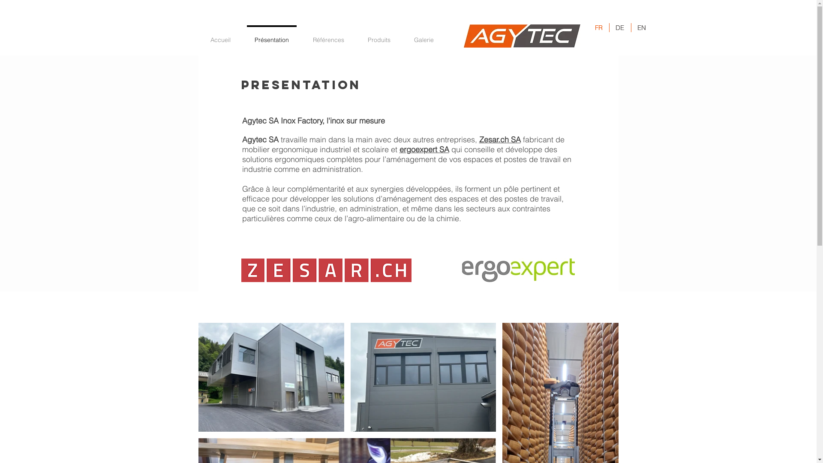 The image size is (823, 463). What do you see at coordinates (608, 27) in the screenshot?
I see `'DE'` at bounding box center [608, 27].